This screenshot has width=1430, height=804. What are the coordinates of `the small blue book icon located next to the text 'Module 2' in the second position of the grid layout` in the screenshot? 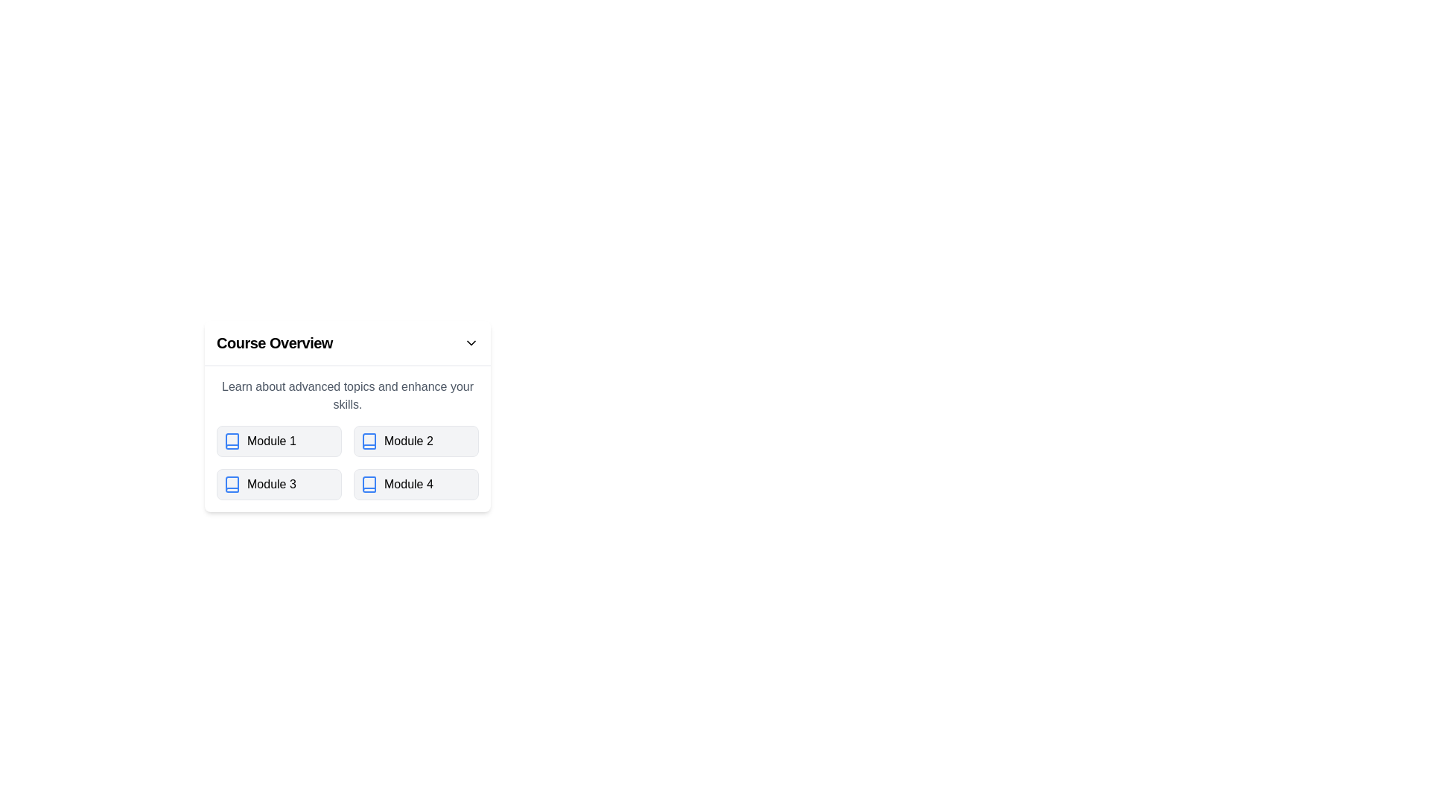 It's located at (369, 441).